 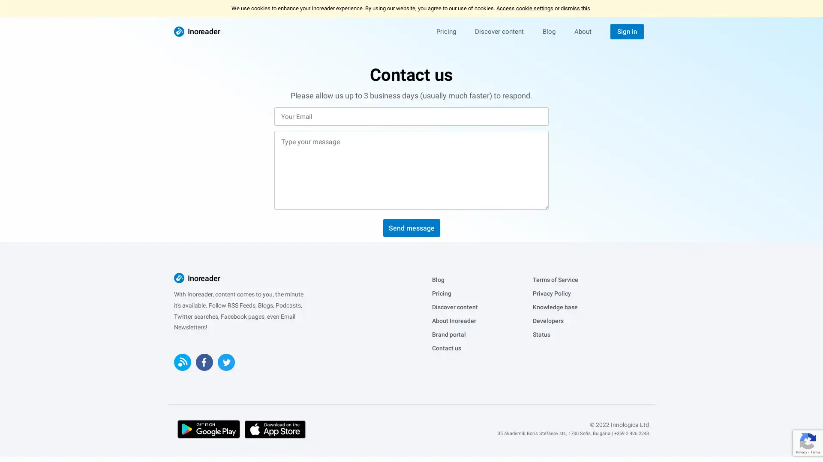 I want to click on Send message, so click(x=411, y=227).